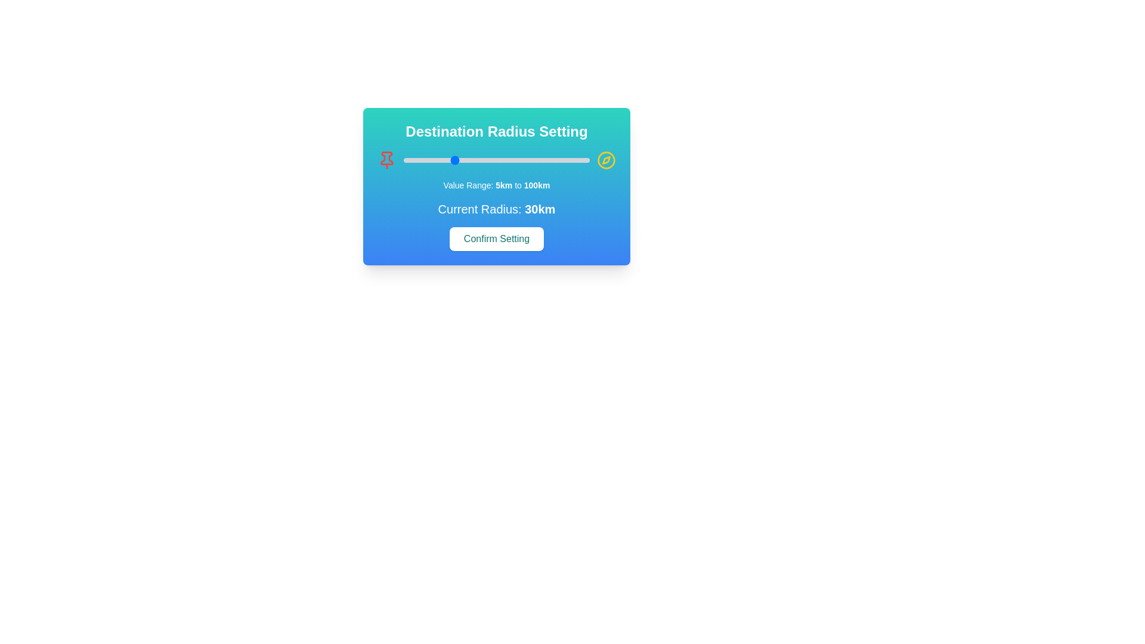  Describe the element at coordinates (475, 160) in the screenshot. I see `the radius slider to set the radius to 42 km` at that location.